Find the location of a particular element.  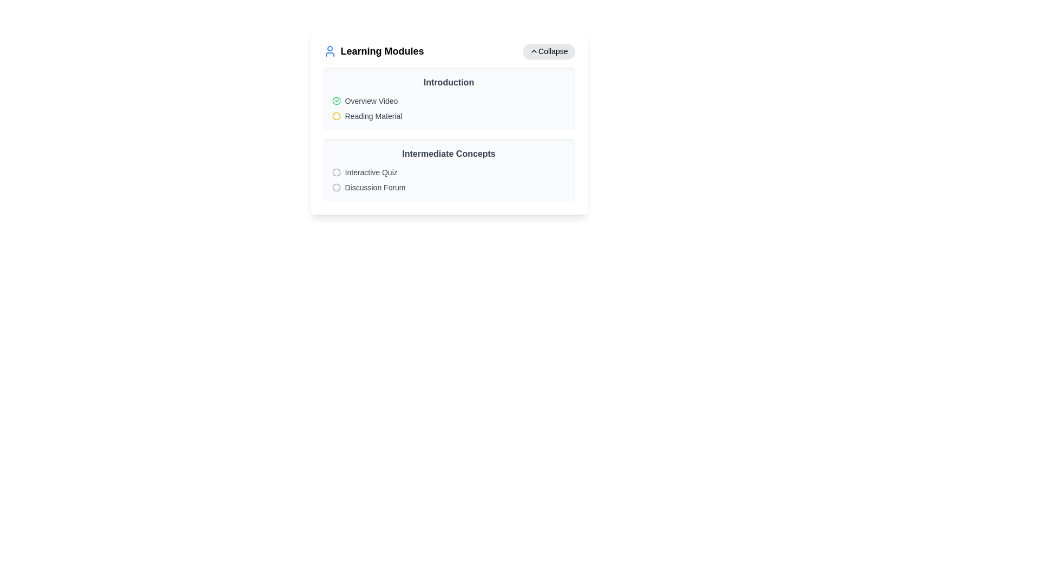

text label indicating 'Discussion Forum' located in the second row of the 'Intermediate Concepts' section in the right-side panel is located at coordinates (375, 187).